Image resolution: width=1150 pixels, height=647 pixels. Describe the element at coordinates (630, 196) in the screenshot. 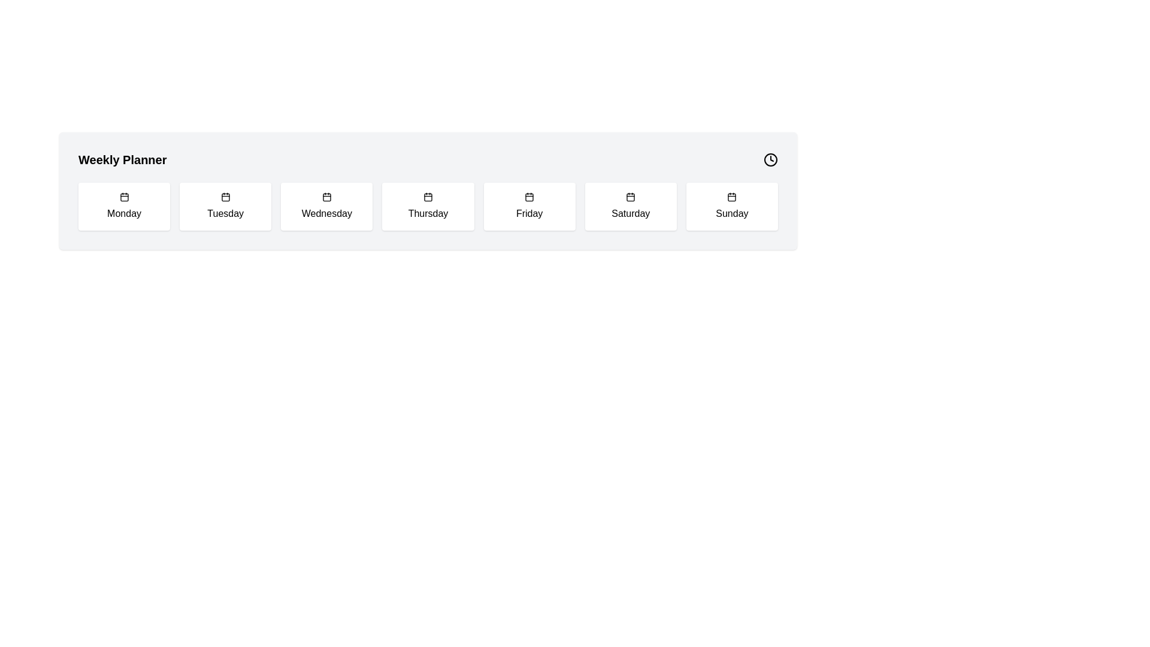

I see `the Decorative Icon representing 'Saturday' in the Weekly Planner interface` at that location.